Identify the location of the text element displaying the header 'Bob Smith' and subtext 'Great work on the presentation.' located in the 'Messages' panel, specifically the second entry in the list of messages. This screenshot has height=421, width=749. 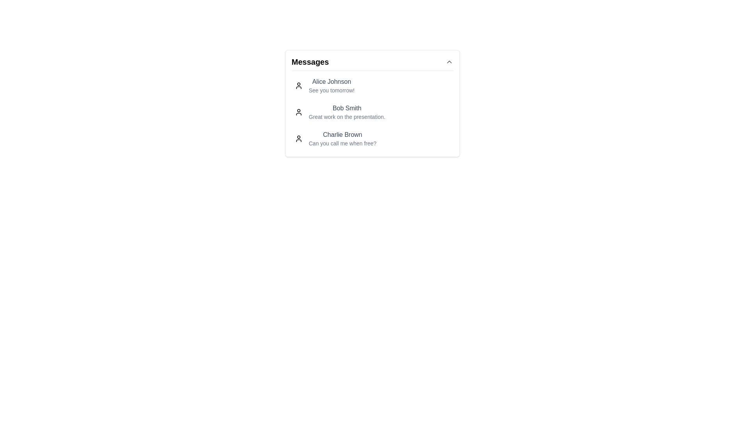
(346, 112).